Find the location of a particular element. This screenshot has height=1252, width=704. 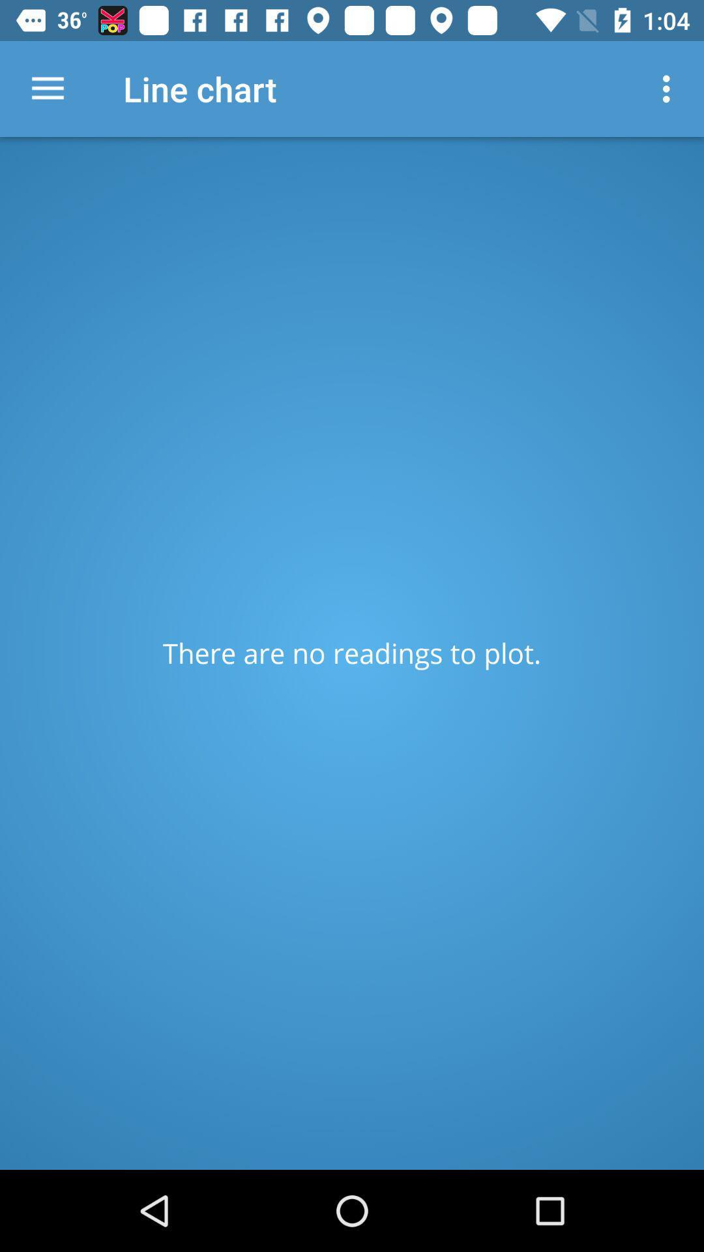

icon to the right of line chart icon is located at coordinates (669, 88).